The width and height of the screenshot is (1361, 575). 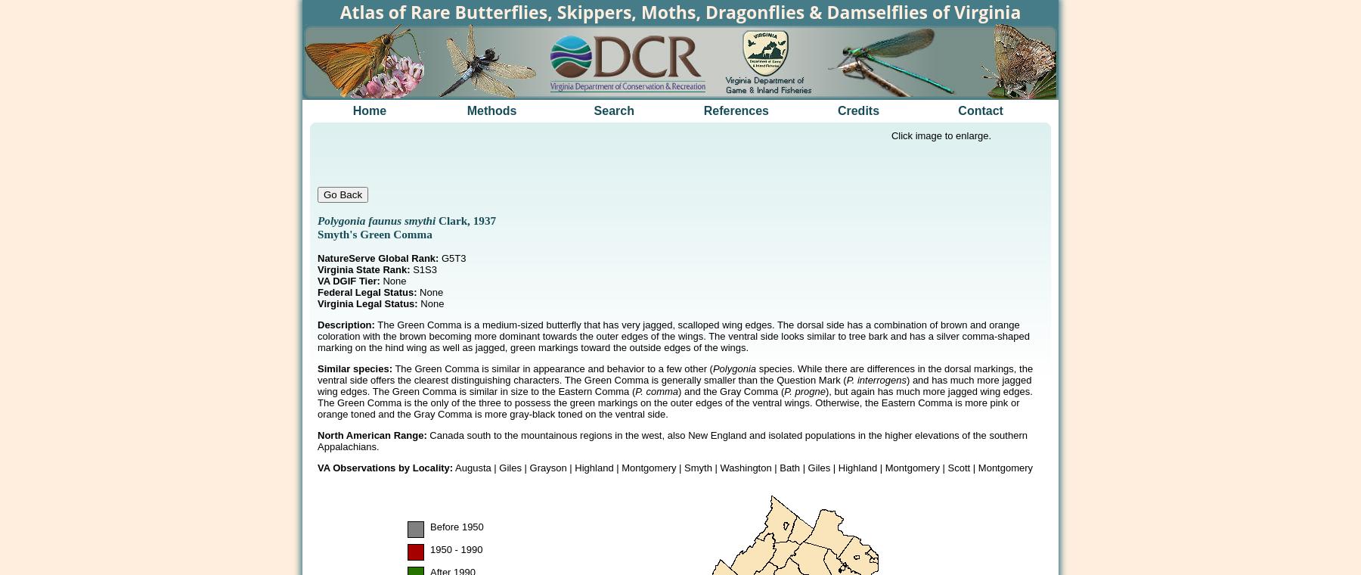 What do you see at coordinates (980, 110) in the screenshot?
I see `'Contact'` at bounding box center [980, 110].